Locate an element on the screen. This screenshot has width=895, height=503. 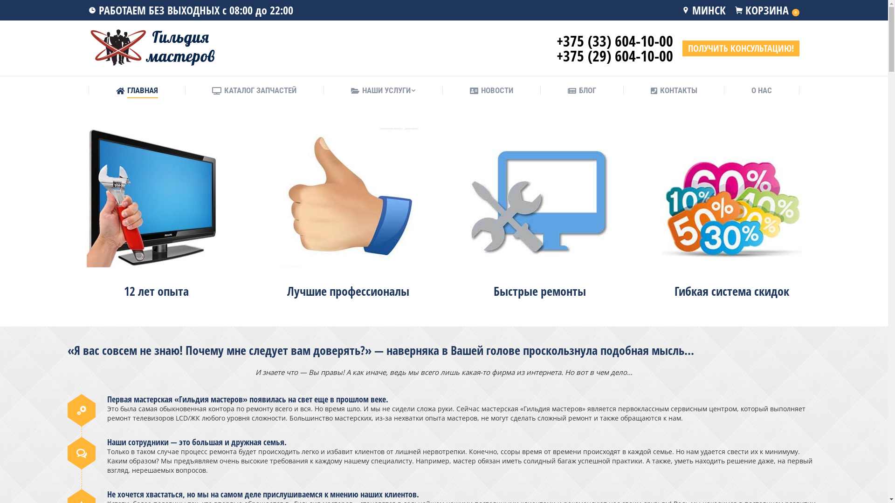
'+375 (29) 604-10-00' is located at coordinates (615, 55).